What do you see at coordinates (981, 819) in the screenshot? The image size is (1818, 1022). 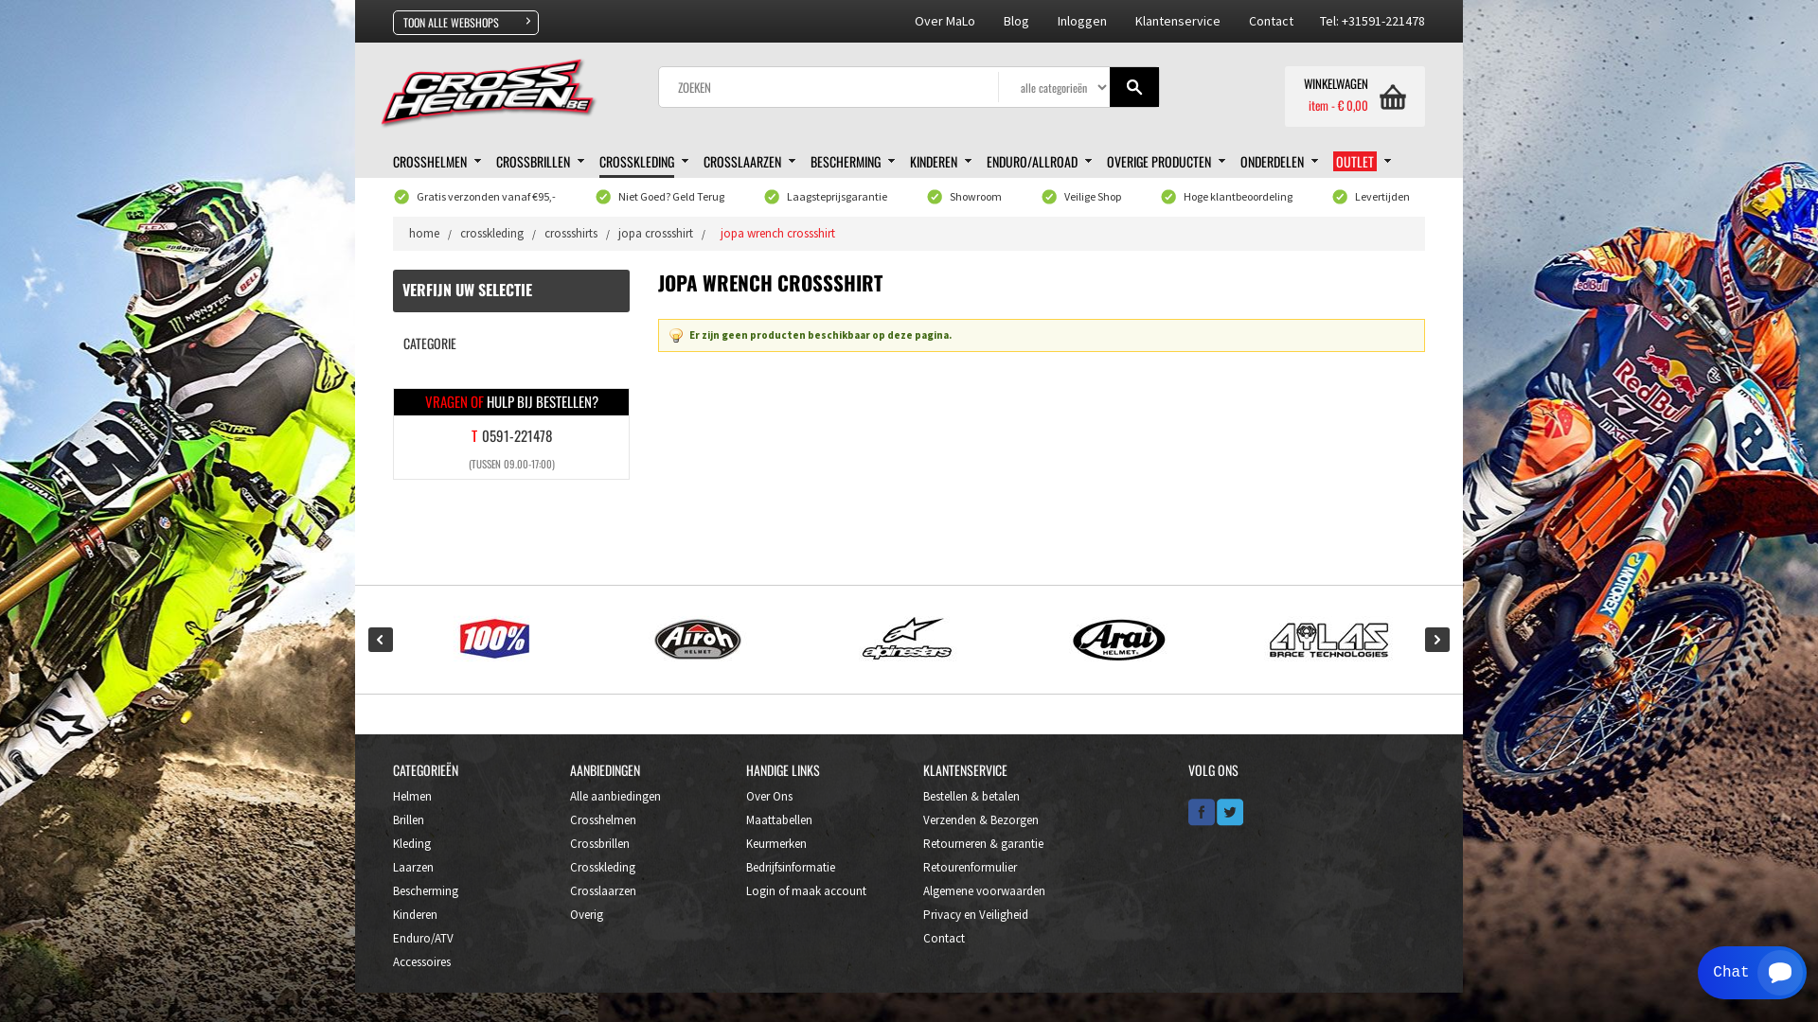 I see `'Verzenden & Bezorgen'` at bounding box center [981, 819].